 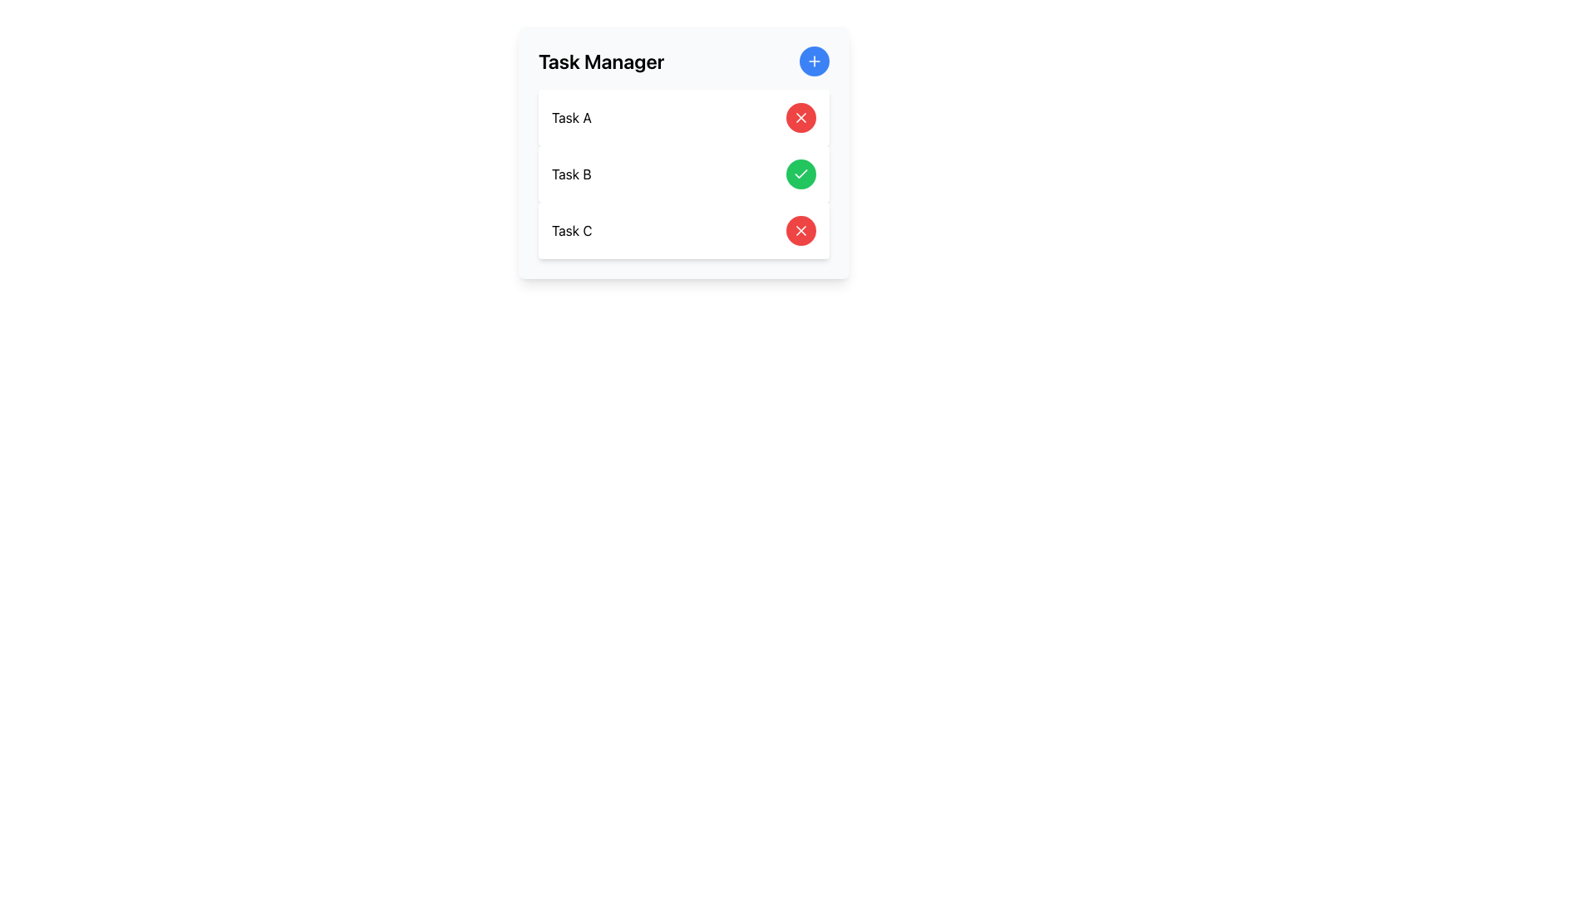 What do you see at coordinates (572, 230) in the screenshot?
I see `the static text label displaying 'Task C', located at the bottom of the task list in the 'Task Manager' card` at bounding box center [572, 230].